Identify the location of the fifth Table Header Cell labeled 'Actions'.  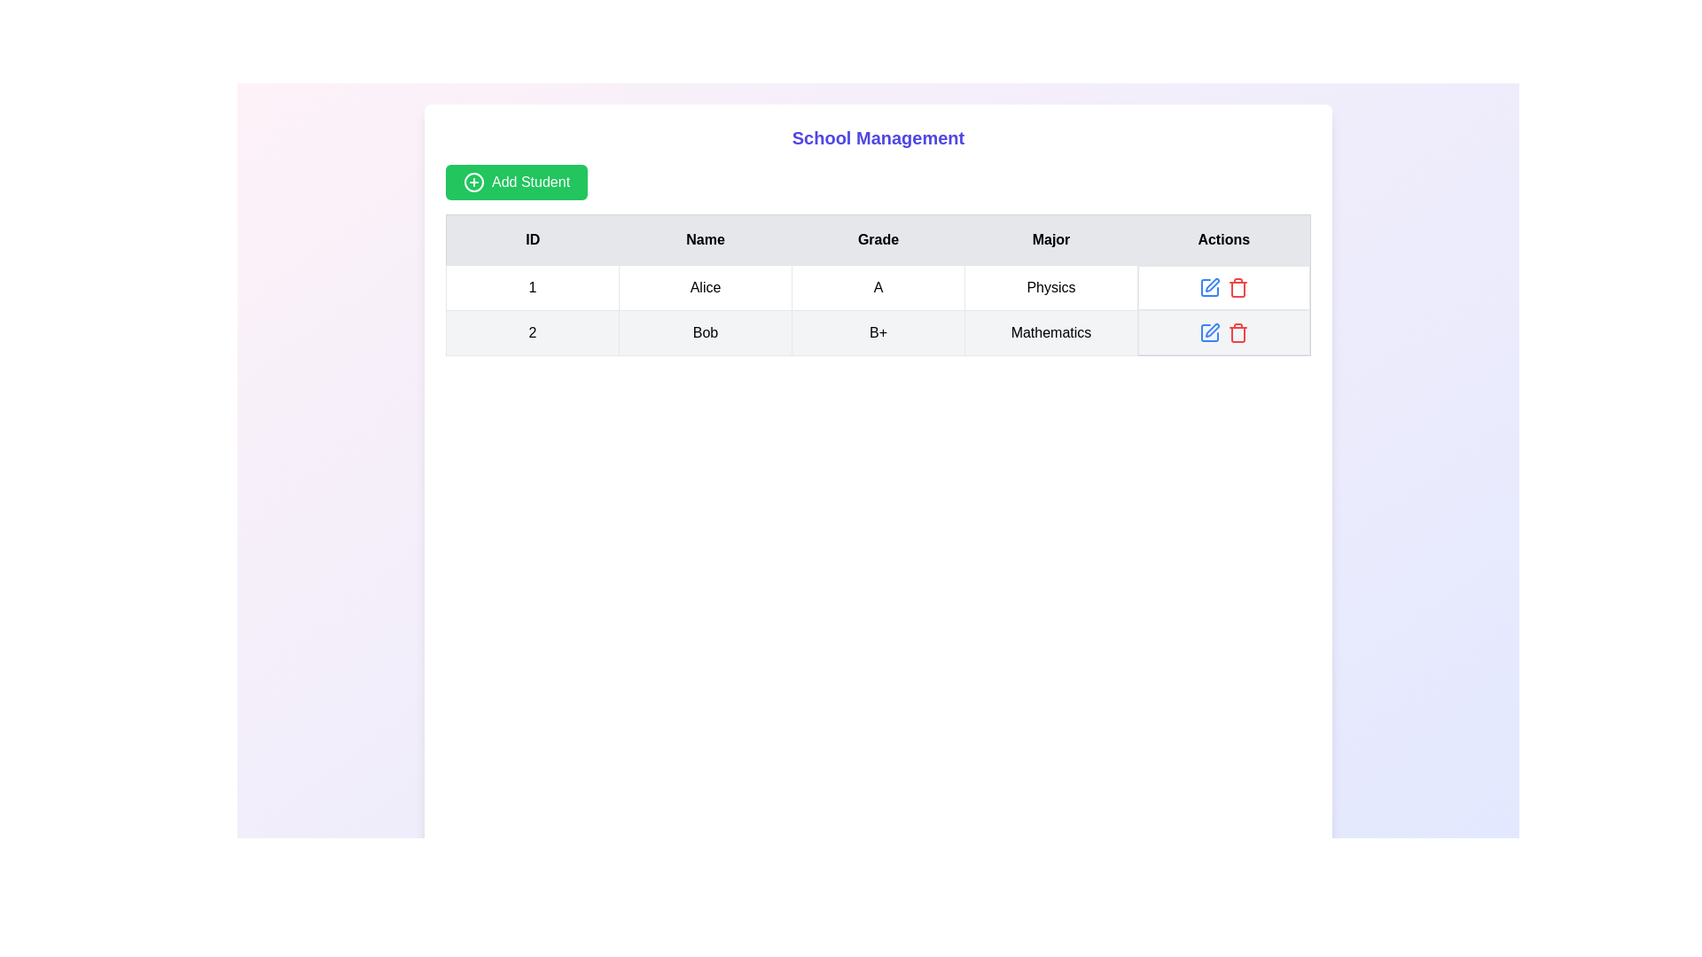
(1223, 239).